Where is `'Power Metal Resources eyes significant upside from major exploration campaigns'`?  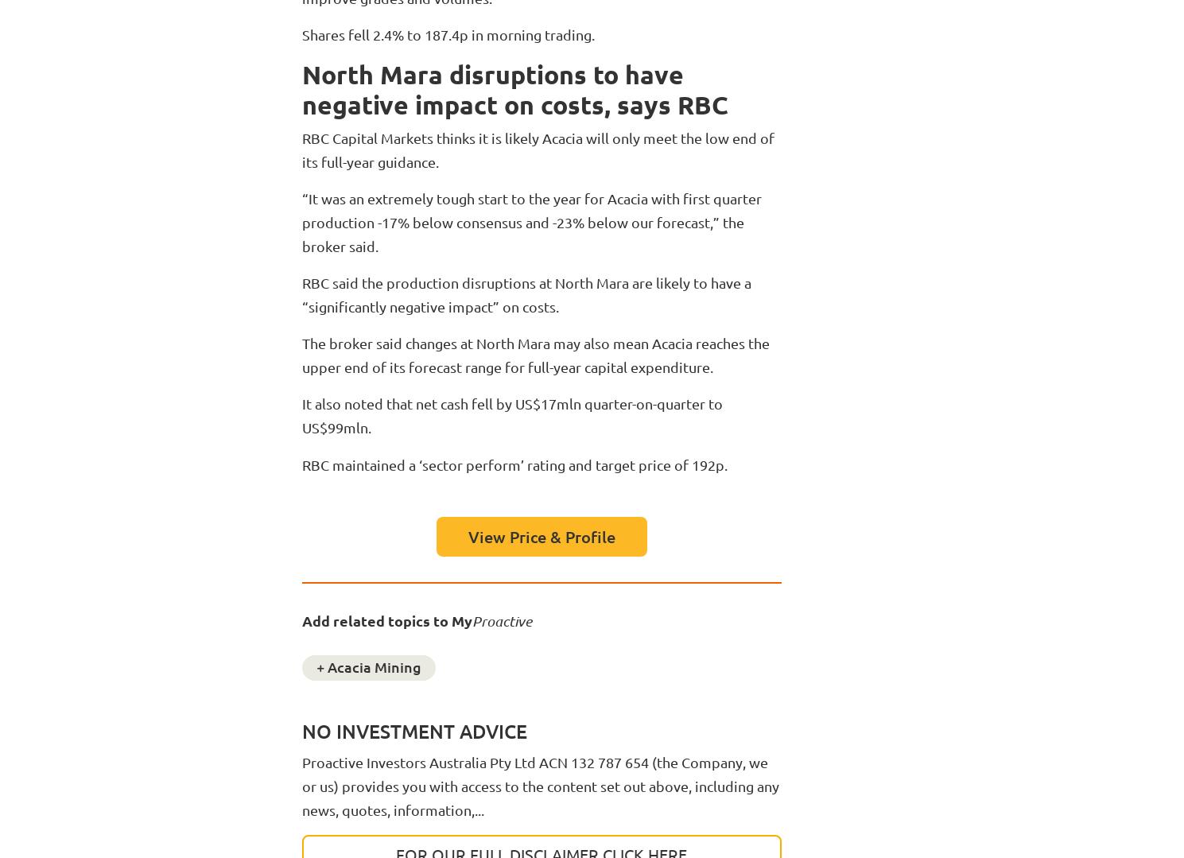
'Power Metal Resources eyes significant upside from major exploration campaigns' is located at coordinates (149, 730).